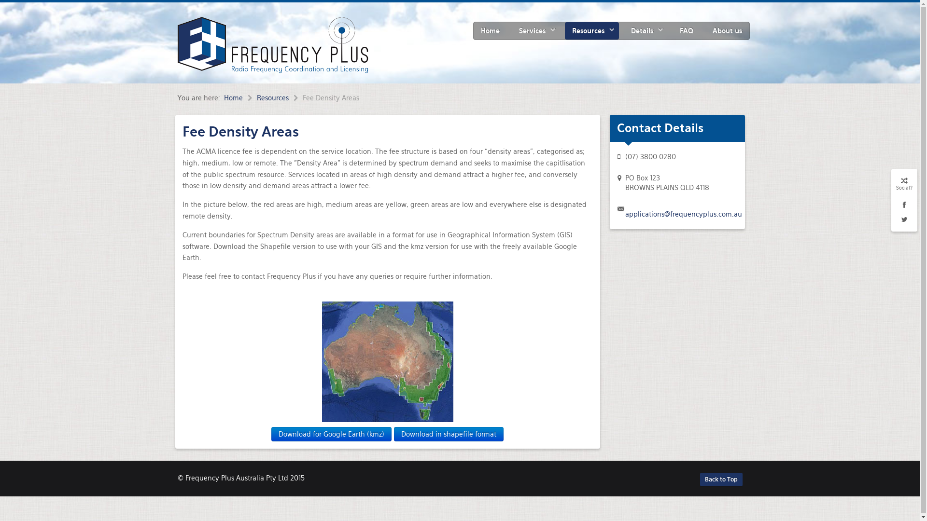 Image resolution: width=927 pixels, height=521 pixels. Describe the element at coordinates (683, 213) in the screenshot. I see `'applications@frequencyplus.com.au'` at that location.